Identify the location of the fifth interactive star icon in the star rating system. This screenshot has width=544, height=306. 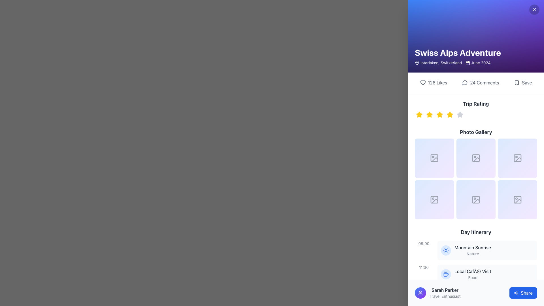
(460, 115).